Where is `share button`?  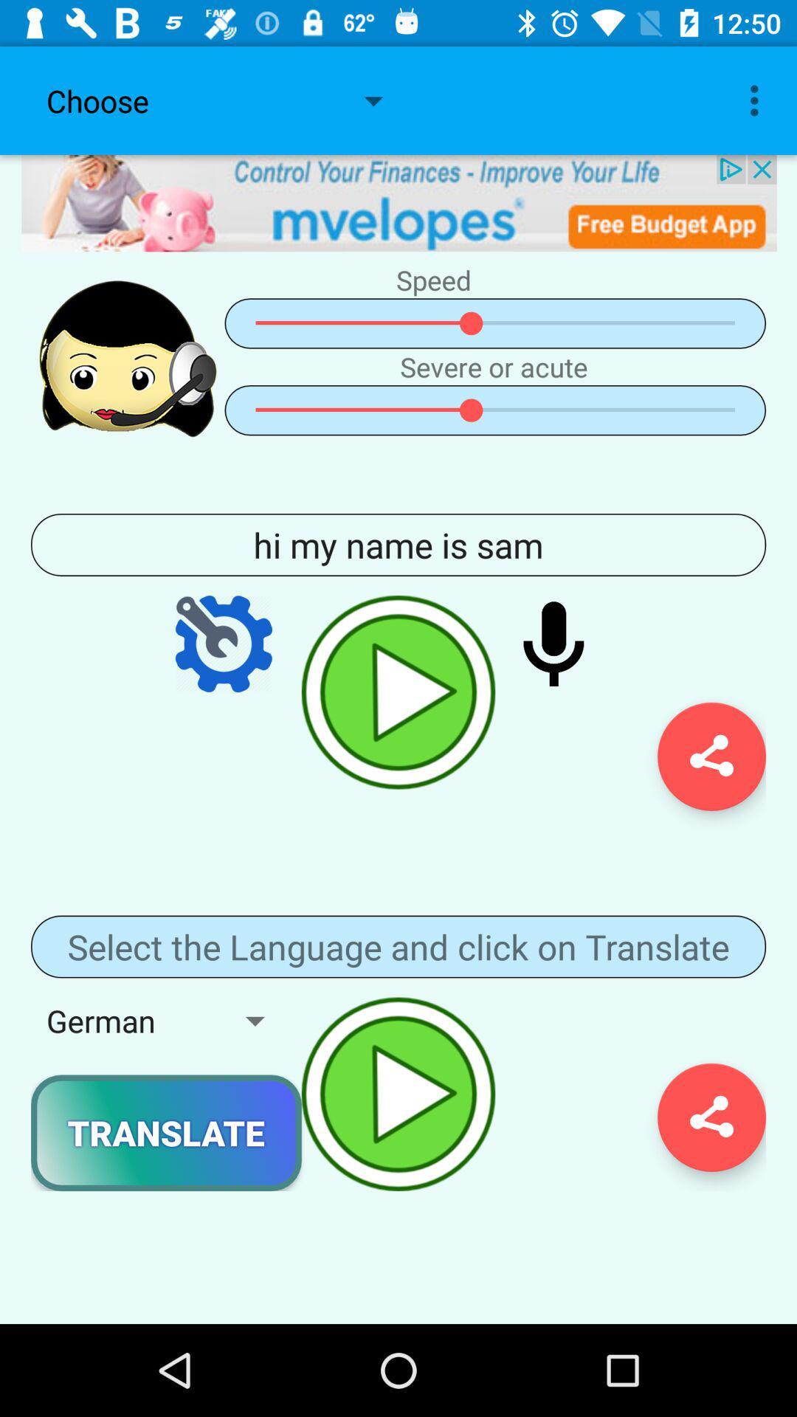
share button is located at coordinates (711, 1117).